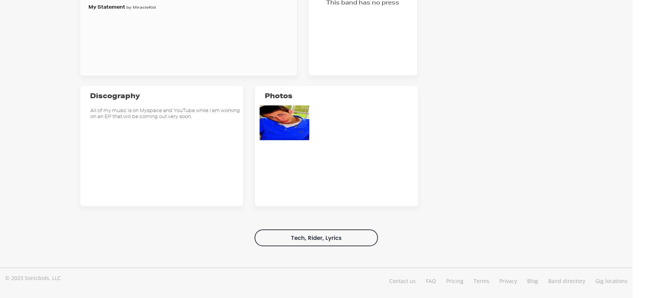 Image resolution: width=664 pixels, height=298 pixels. I want to click on 'Band directory', so click(566, 280).